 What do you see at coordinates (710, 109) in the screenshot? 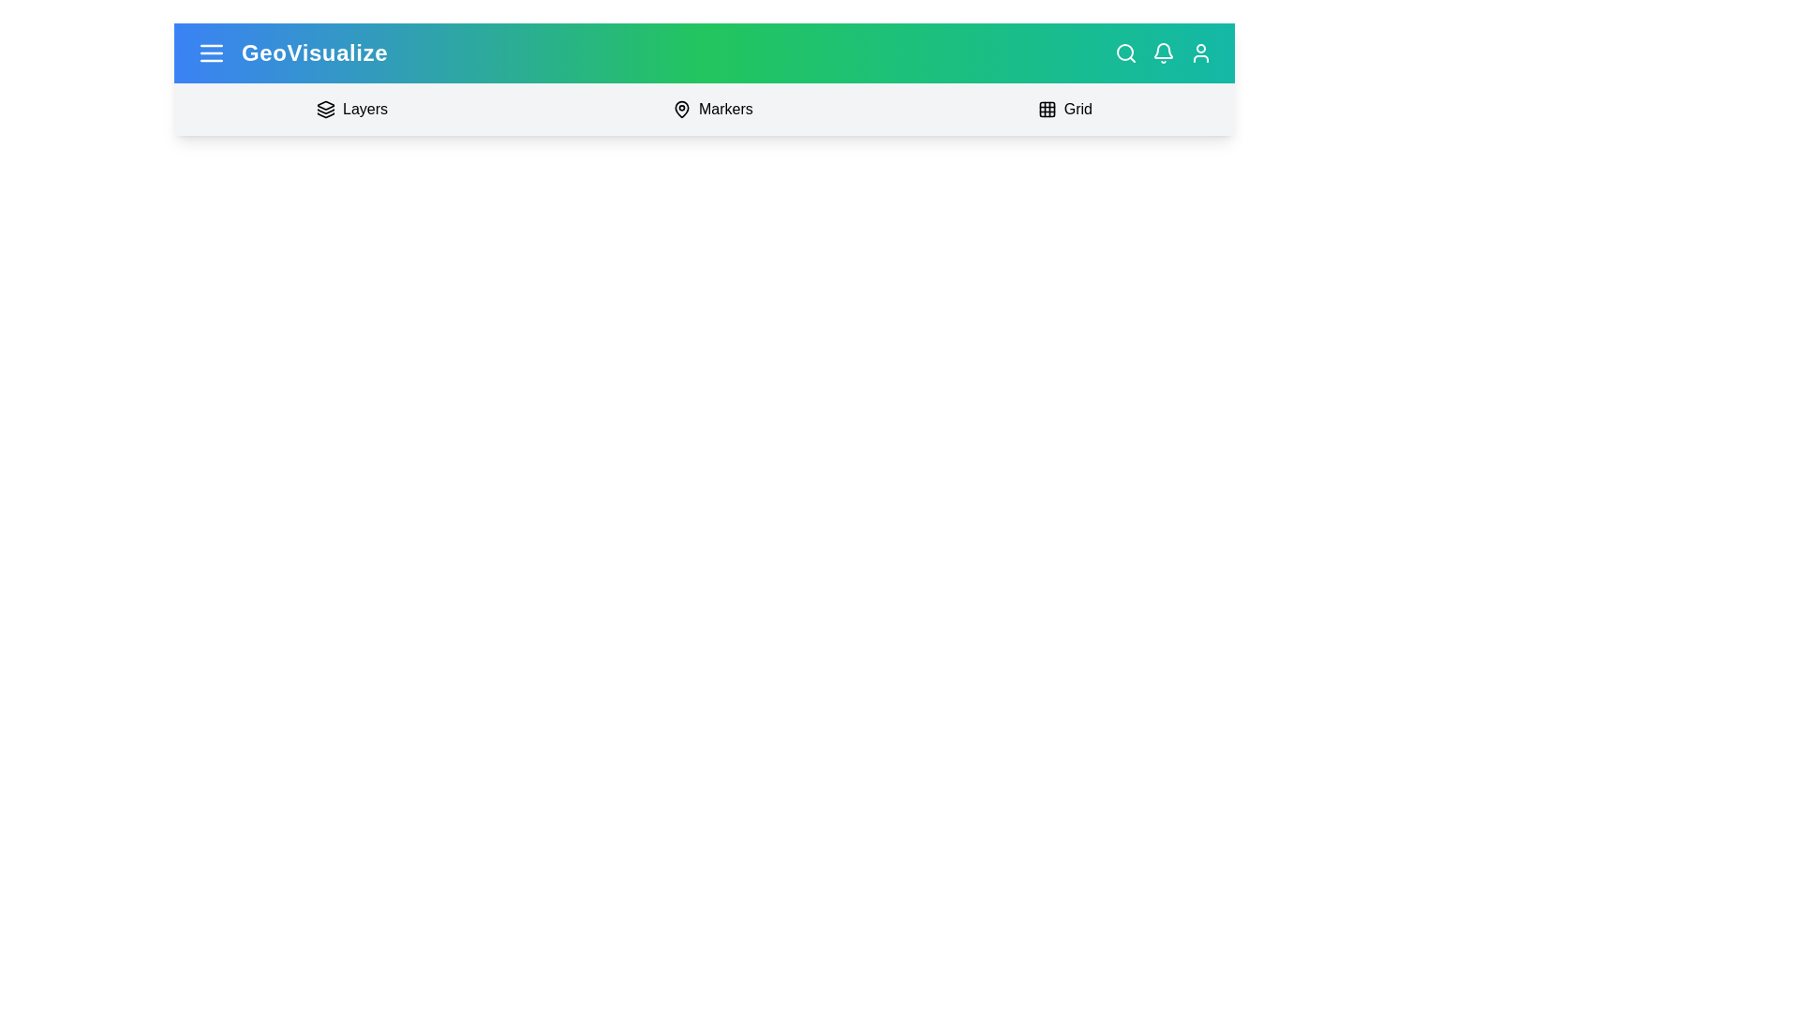
I see `the 'Markers' button to toggle the Markers panel` at bounding box center [710, 109].